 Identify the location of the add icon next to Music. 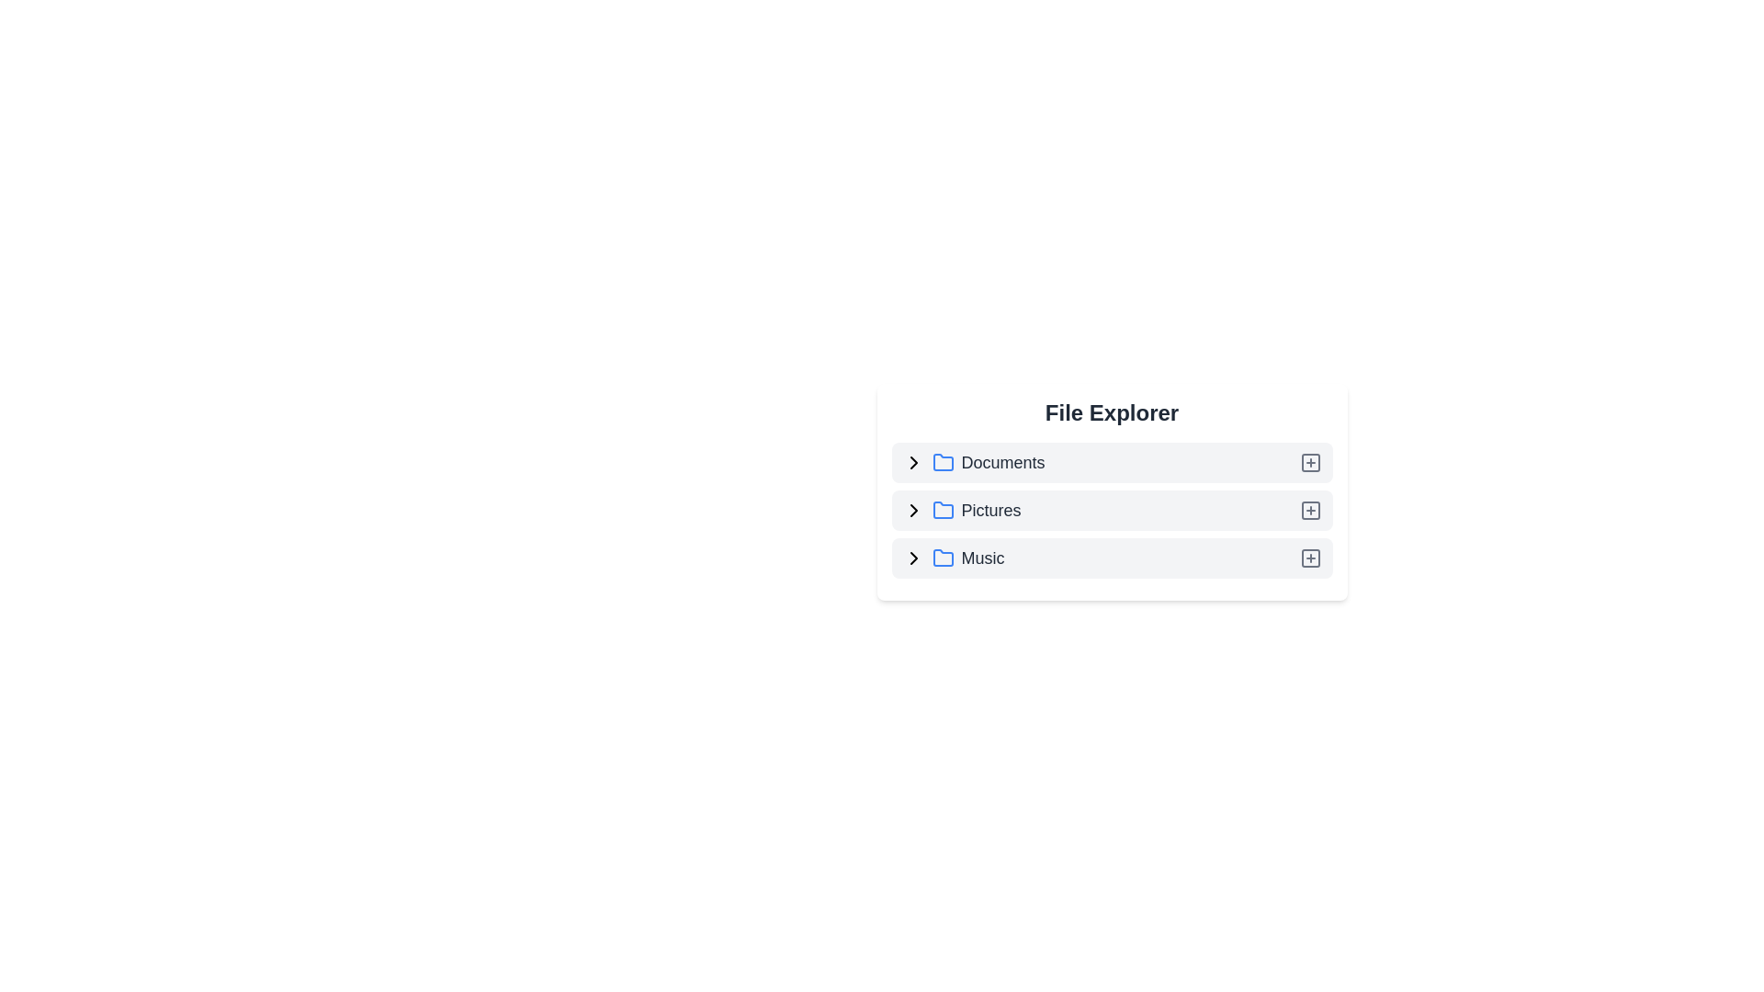
(1309, 558).